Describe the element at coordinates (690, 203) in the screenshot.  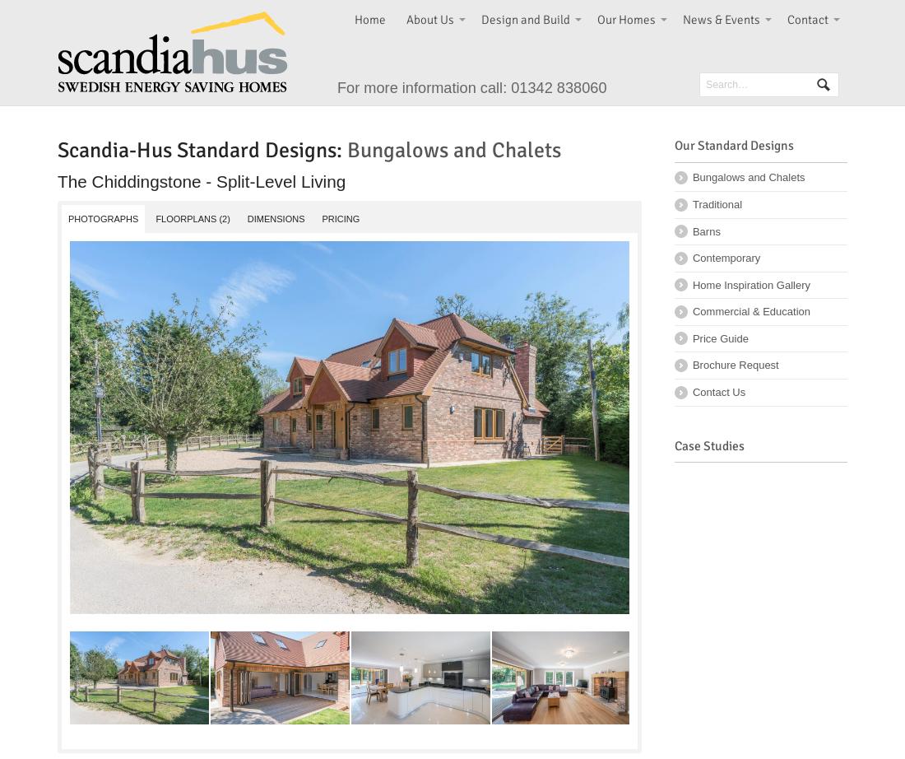
I see `'Traditional'` at that location.